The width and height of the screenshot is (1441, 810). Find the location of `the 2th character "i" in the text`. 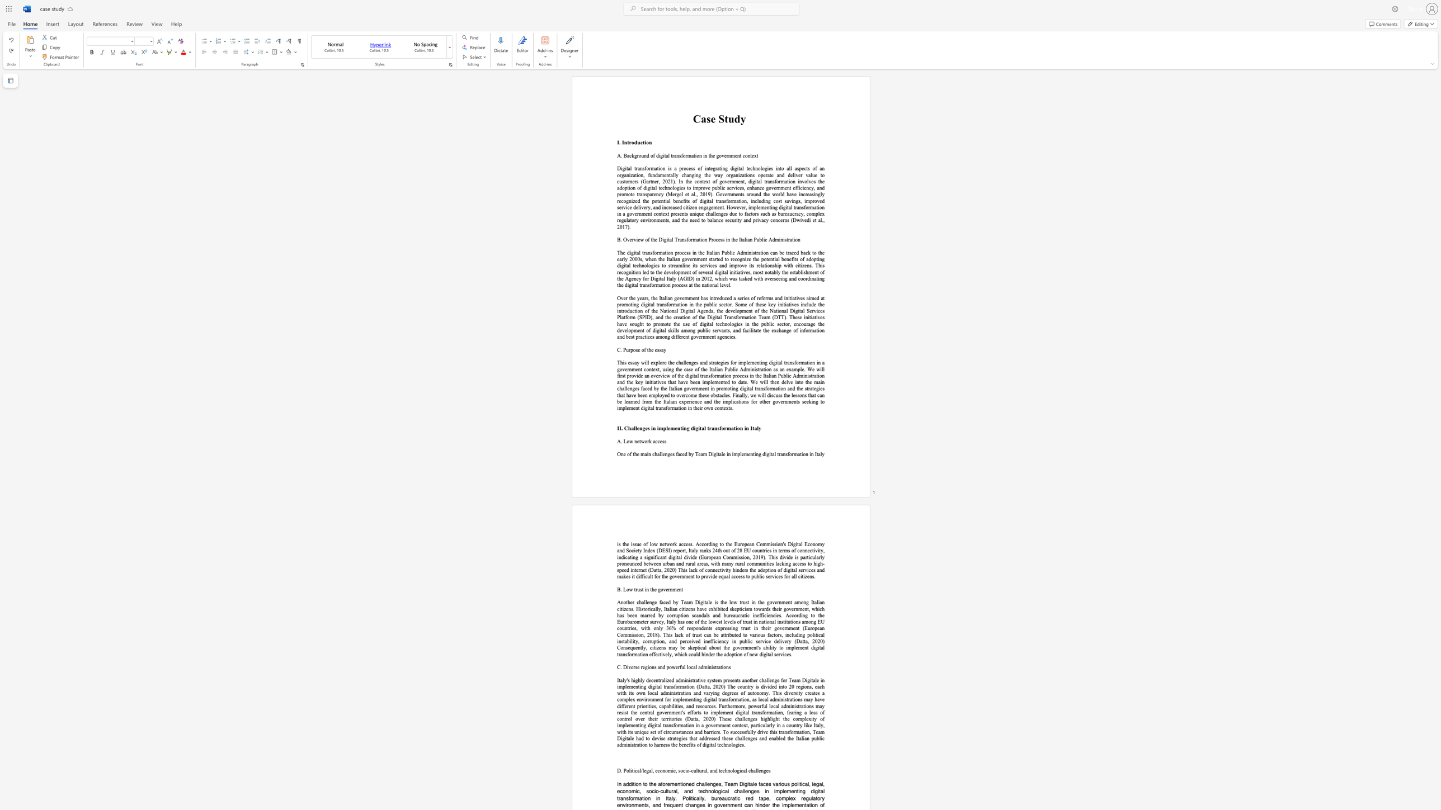

the 2th character "i" in the text is located at coordinates (663, 239).